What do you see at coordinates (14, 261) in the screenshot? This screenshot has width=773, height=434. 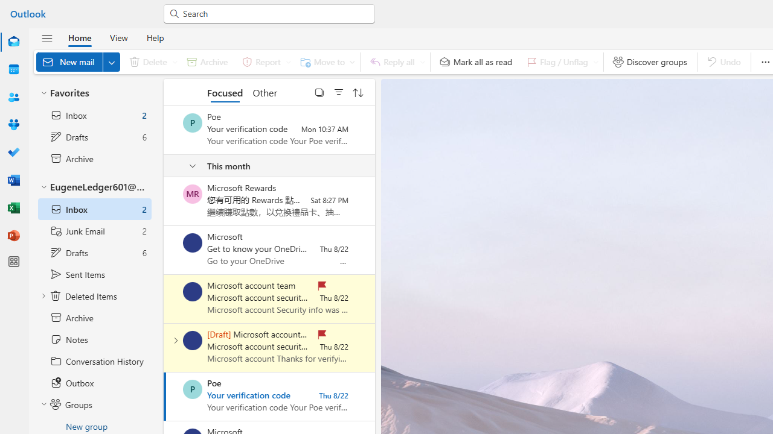 I see `'More apps'` at bounding box center [14, 261].